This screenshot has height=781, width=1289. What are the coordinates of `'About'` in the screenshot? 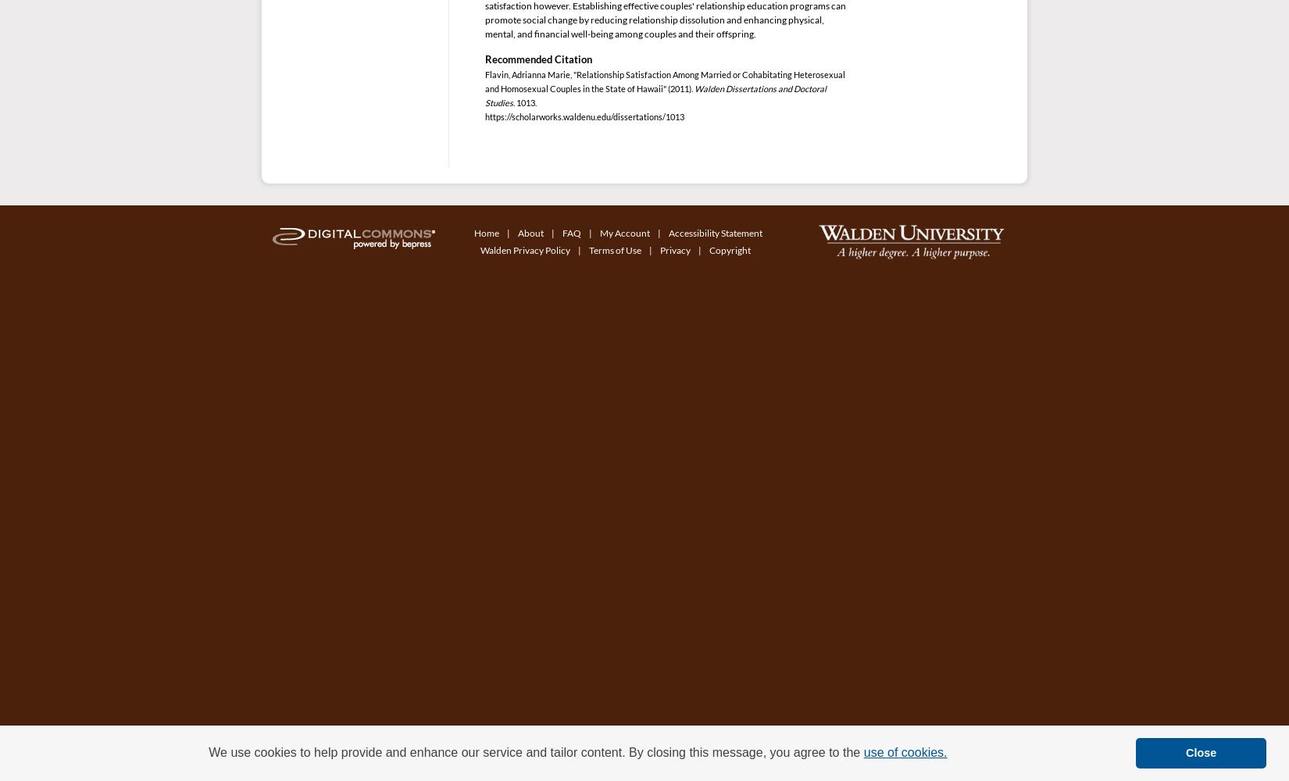 It's located at (530, 233).